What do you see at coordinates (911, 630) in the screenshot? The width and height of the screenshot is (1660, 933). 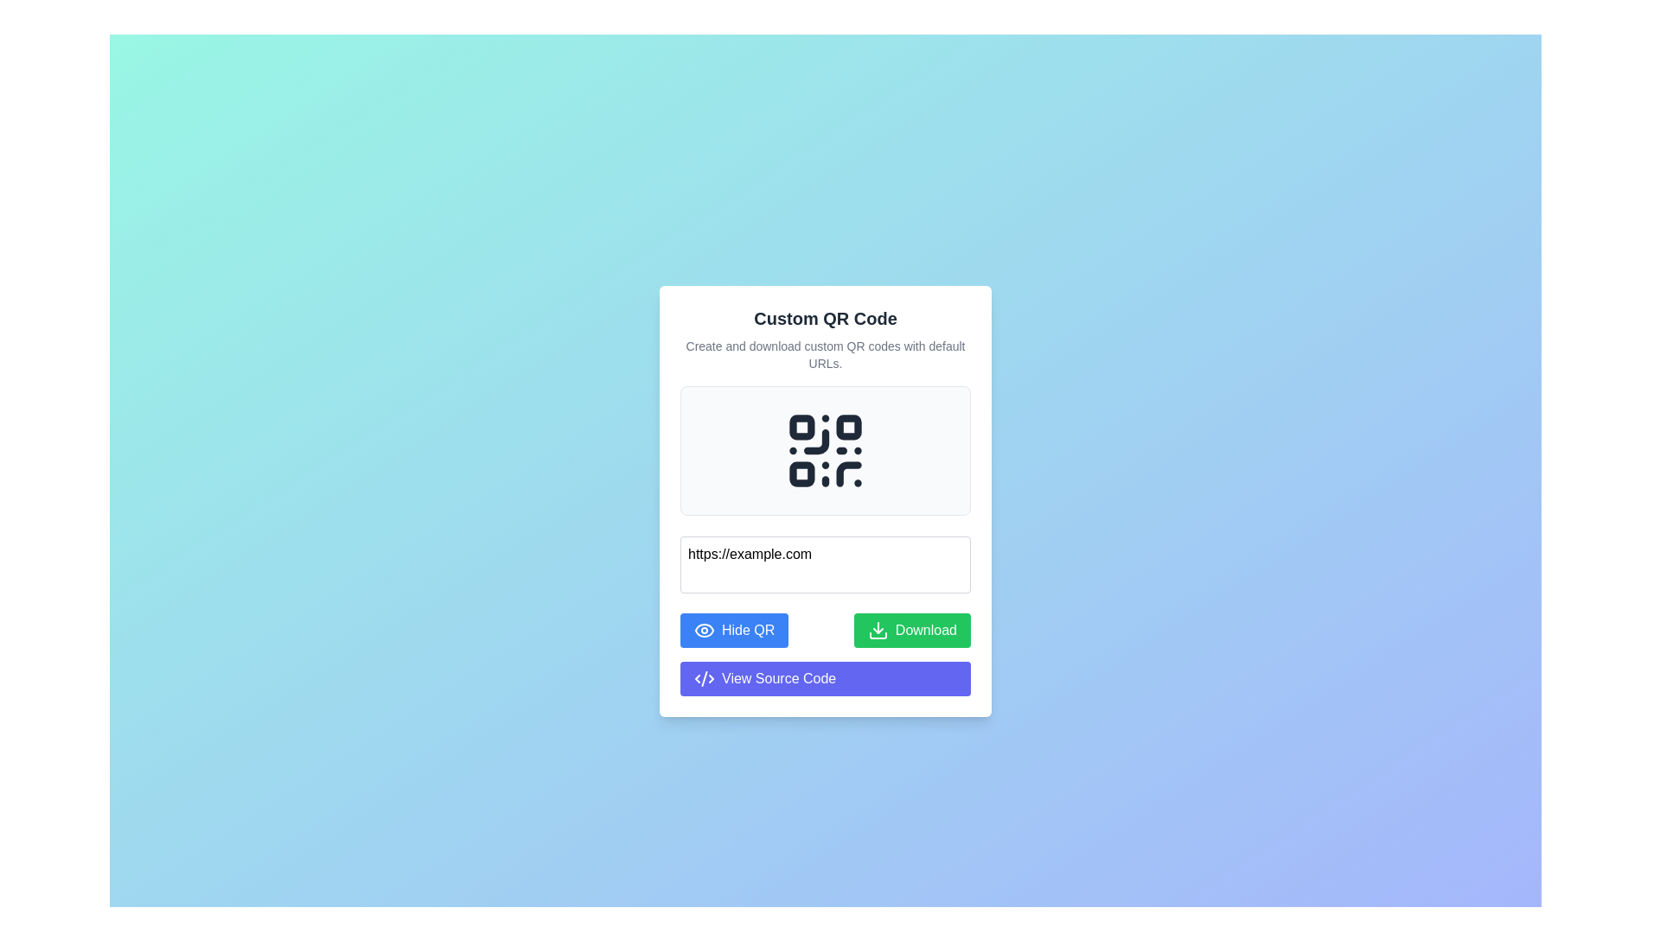 I see `the green 'Download' button with rounded corners to initiate the download` at bounding box center [911, 630].